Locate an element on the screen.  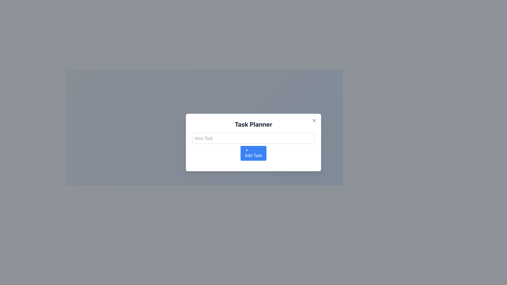
the button labeled 'Add Task' located below the 'New Task' input field is located at coordinates (253, 153).